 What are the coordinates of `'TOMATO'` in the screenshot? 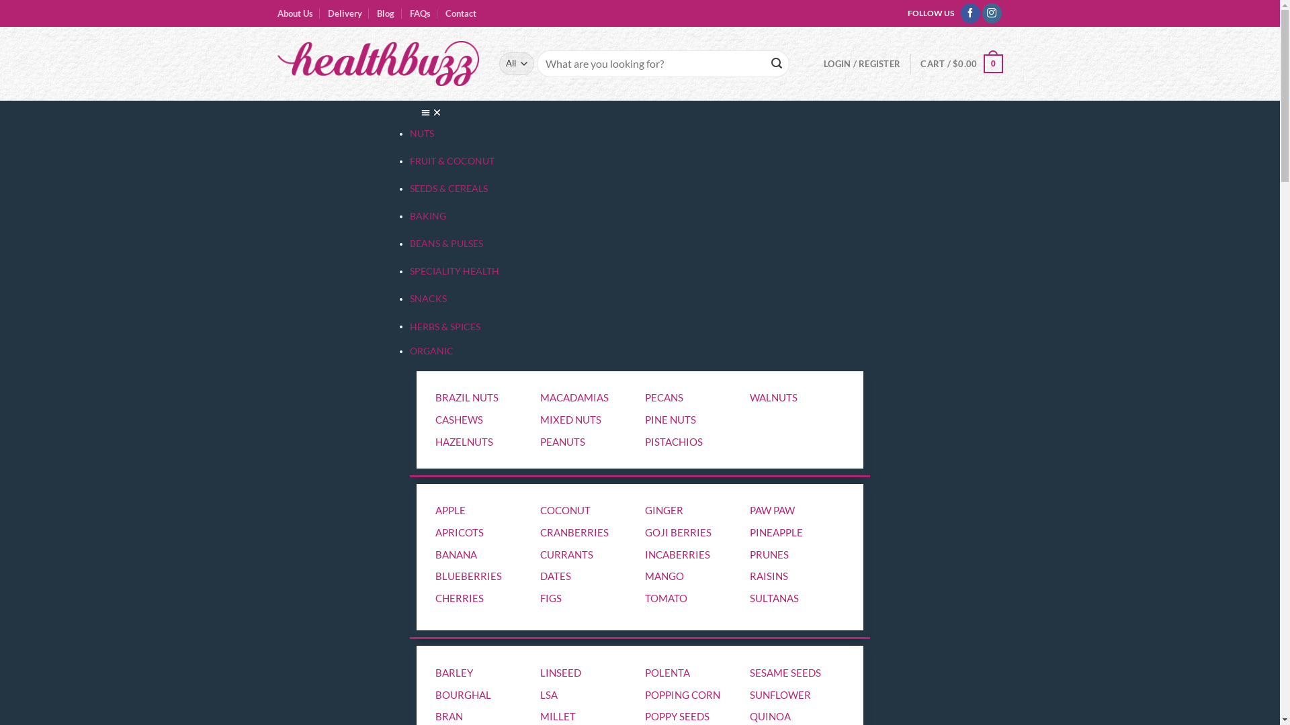 It's located at (666, 597).